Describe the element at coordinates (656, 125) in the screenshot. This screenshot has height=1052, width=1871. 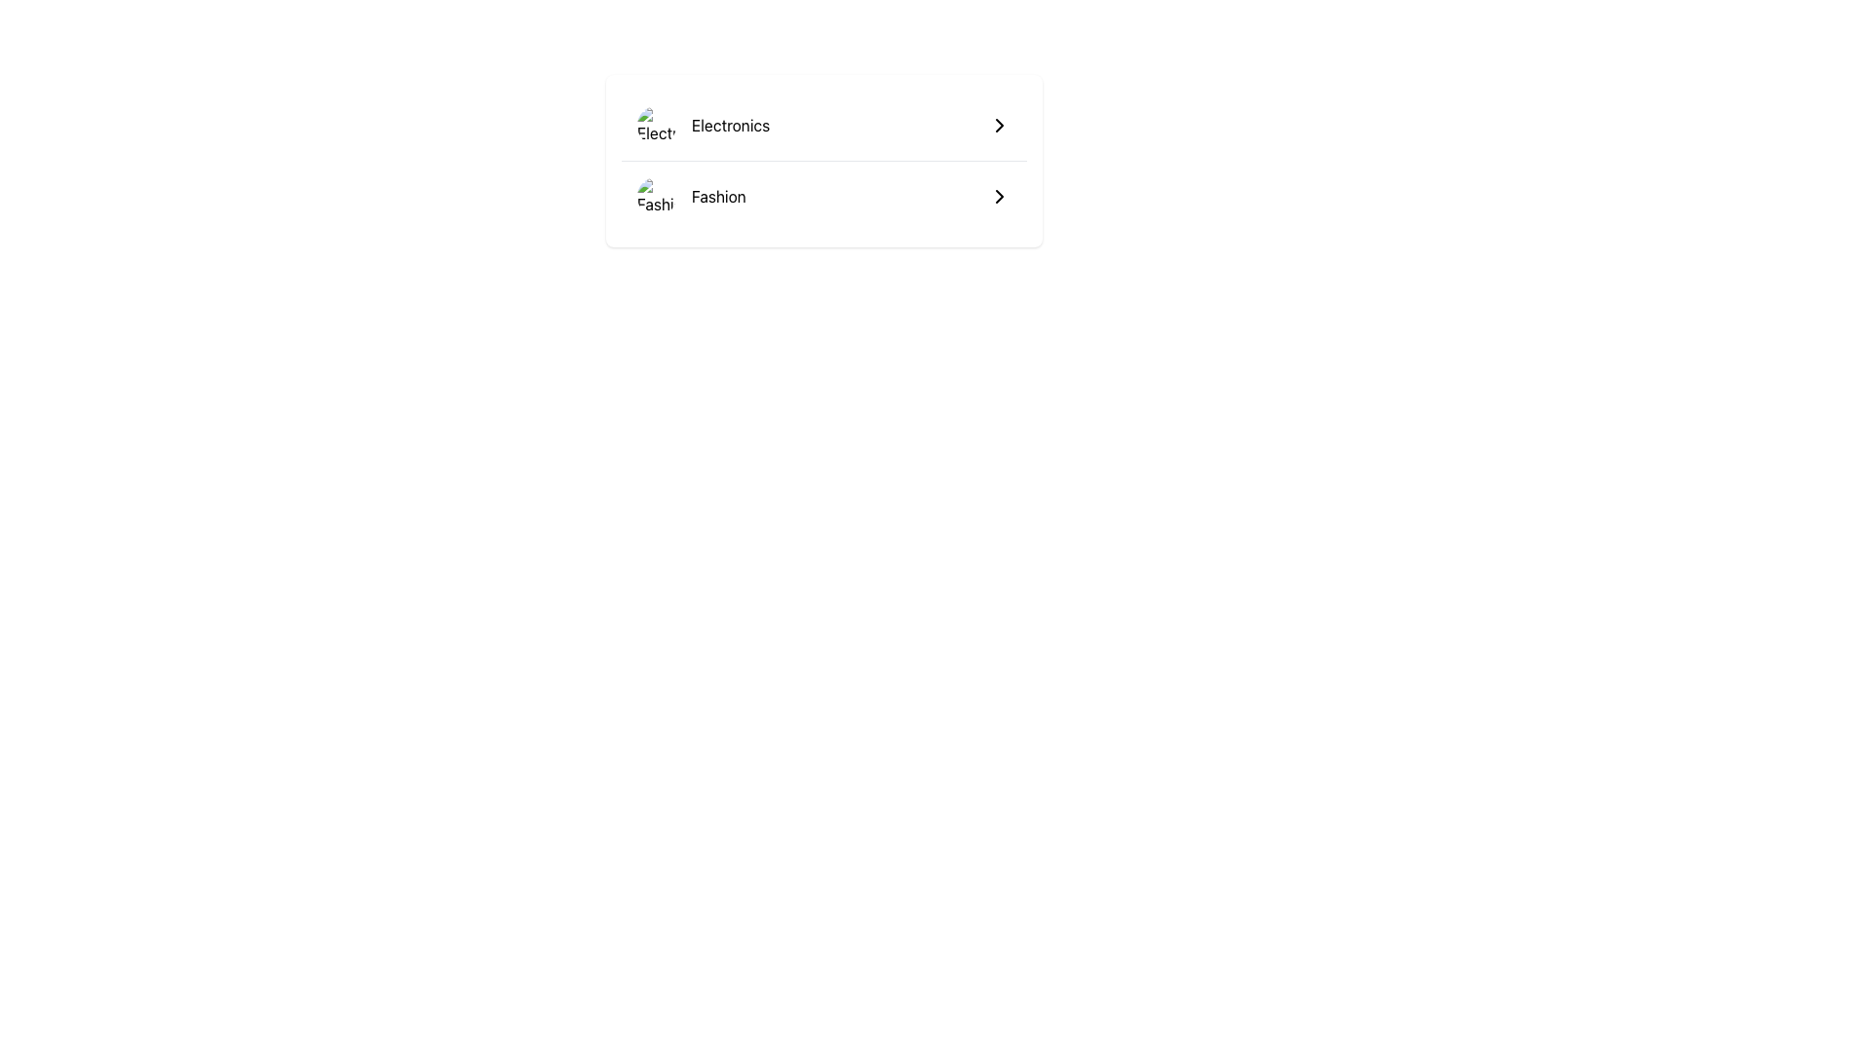
I see `the circular icon representing the 'Electronics' category, which is the leftmost element in a row containing the label 'Electronics'` at that location.